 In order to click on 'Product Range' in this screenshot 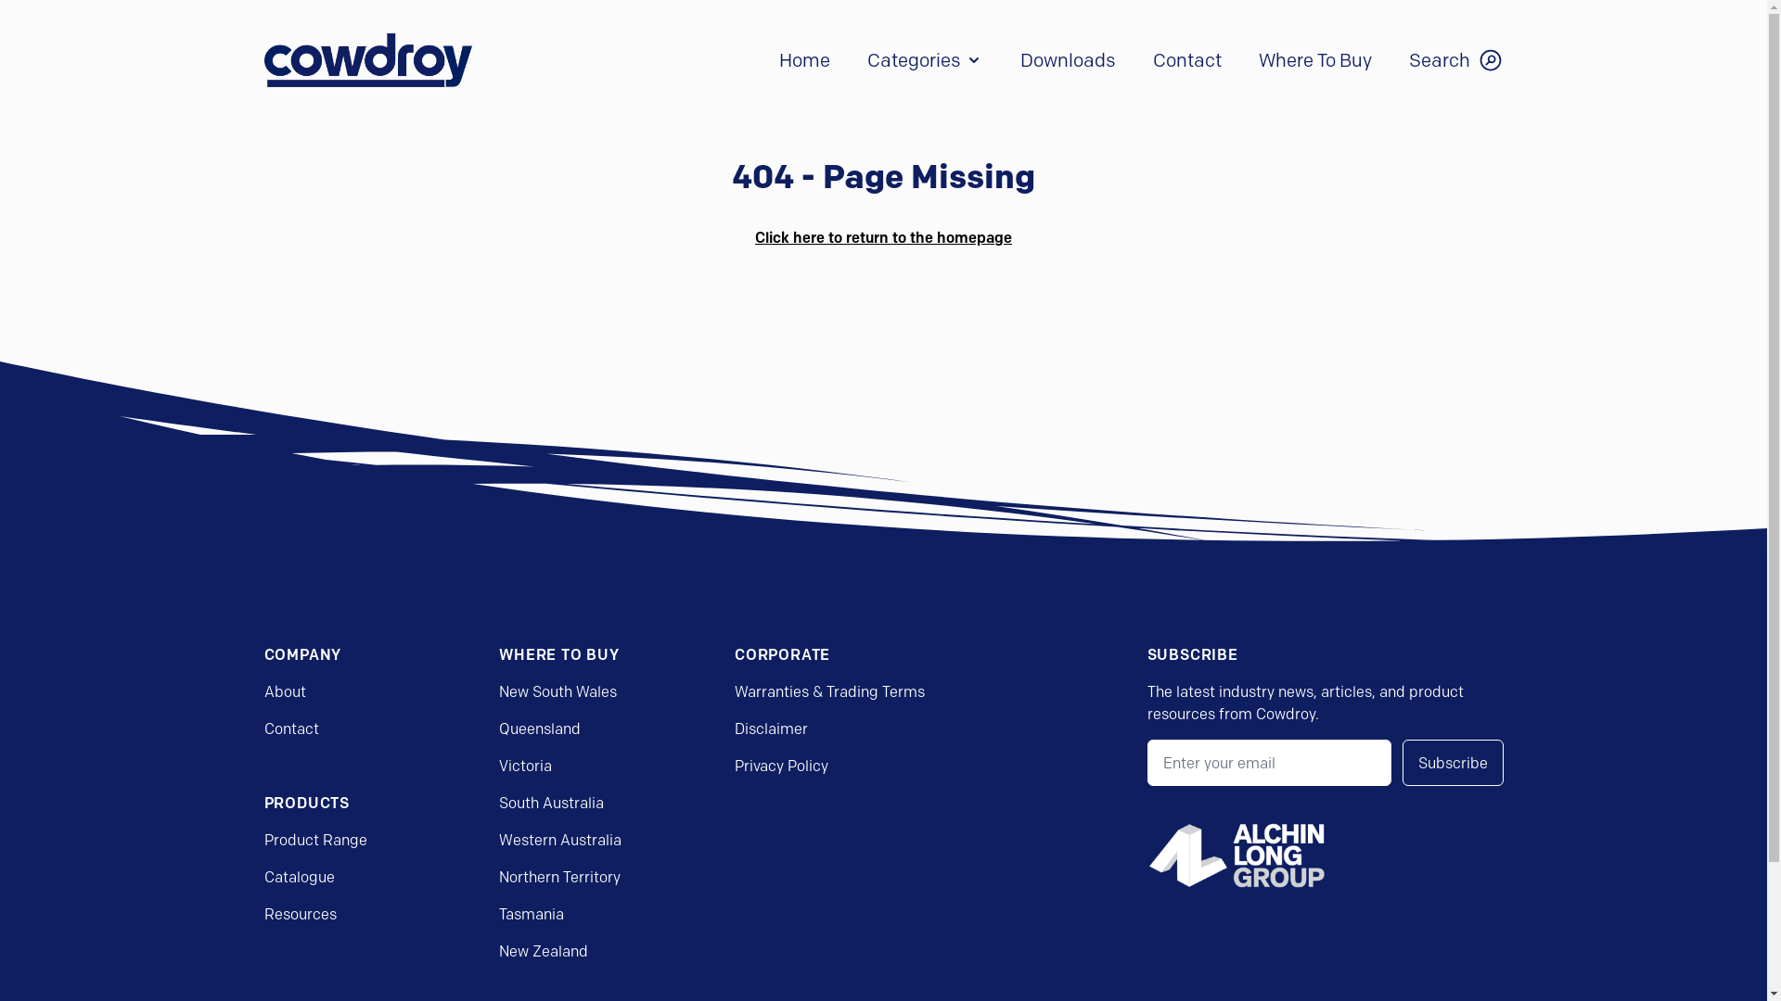, I will do `click(314, 840)`.